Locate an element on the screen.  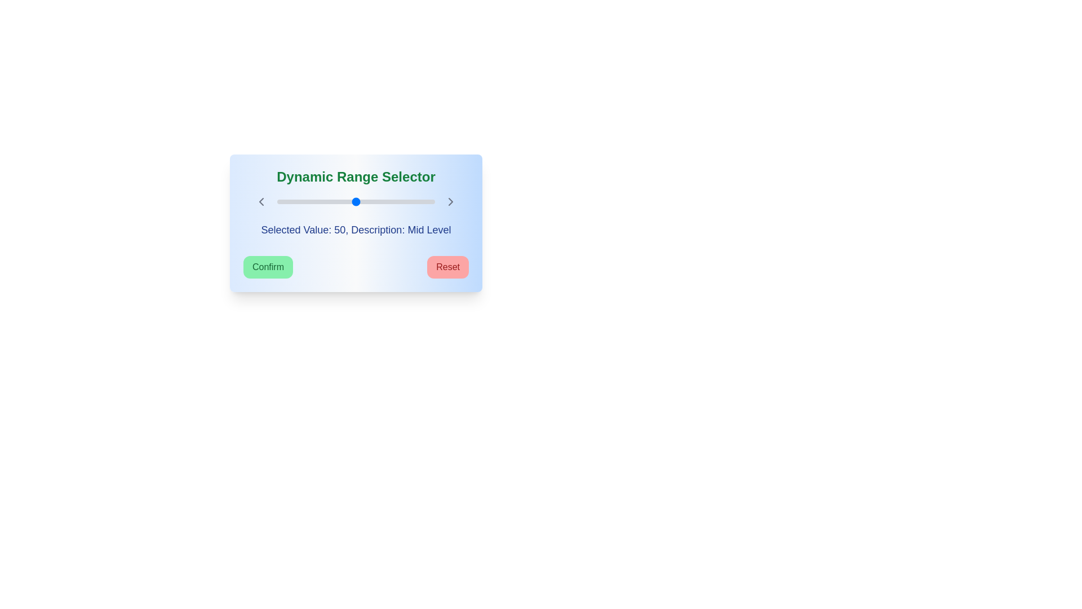
the slider is located at coordinates (327, 201).